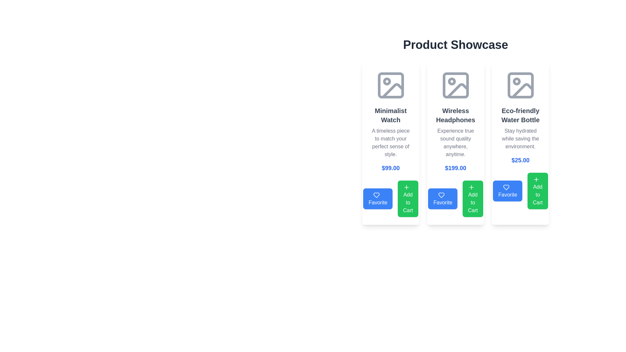 This screenshot has height=352, width=626. I want to click on the 'Favorite' button with a blue background and white text, so click(378, 198).